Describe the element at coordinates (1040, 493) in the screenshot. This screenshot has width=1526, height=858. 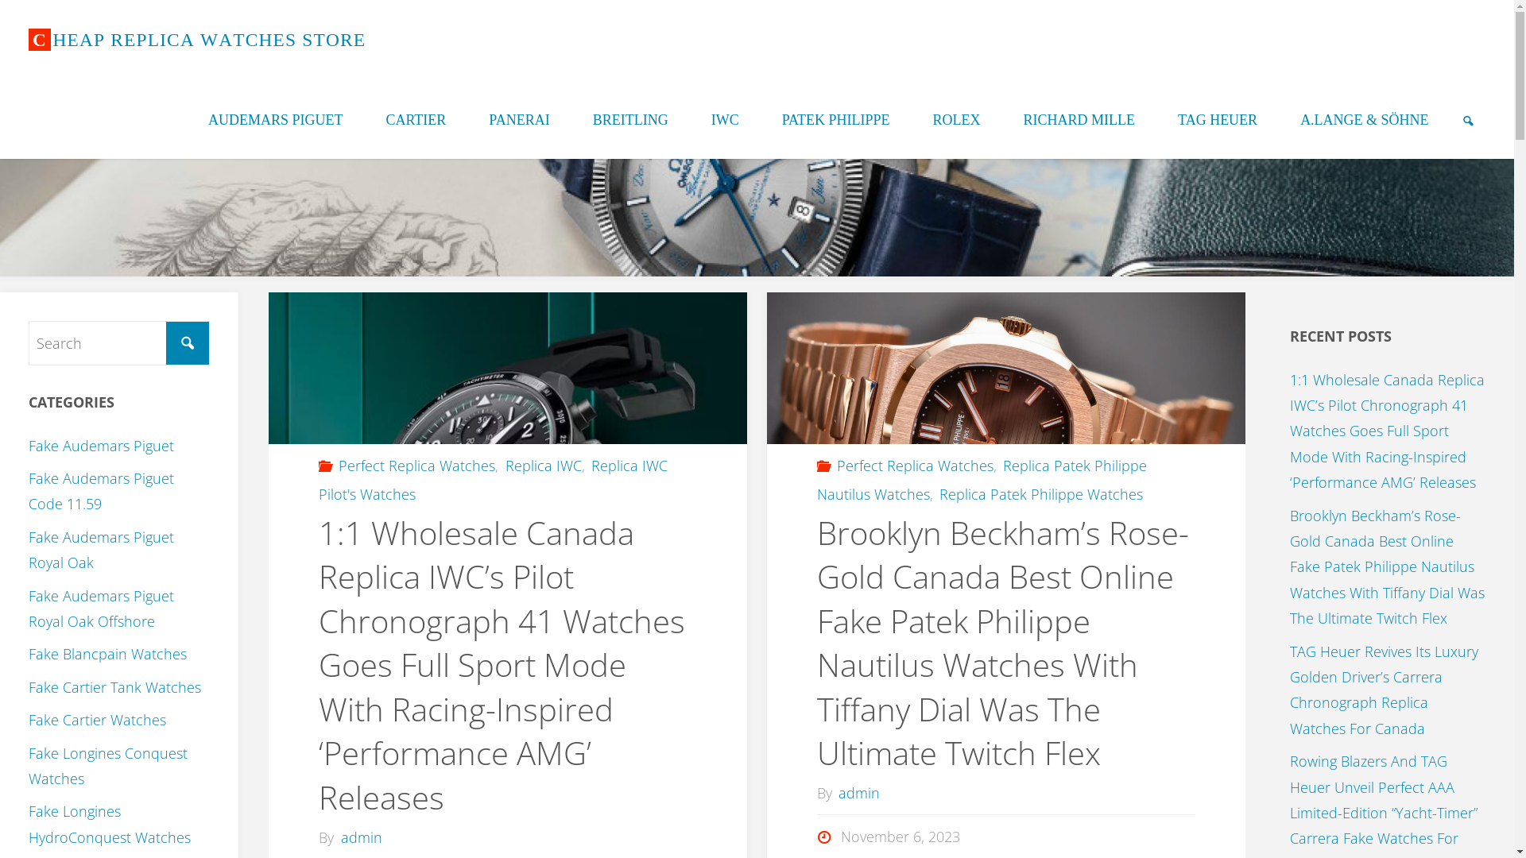
I see `'Replica Patek Philippe Watches'` at that location.